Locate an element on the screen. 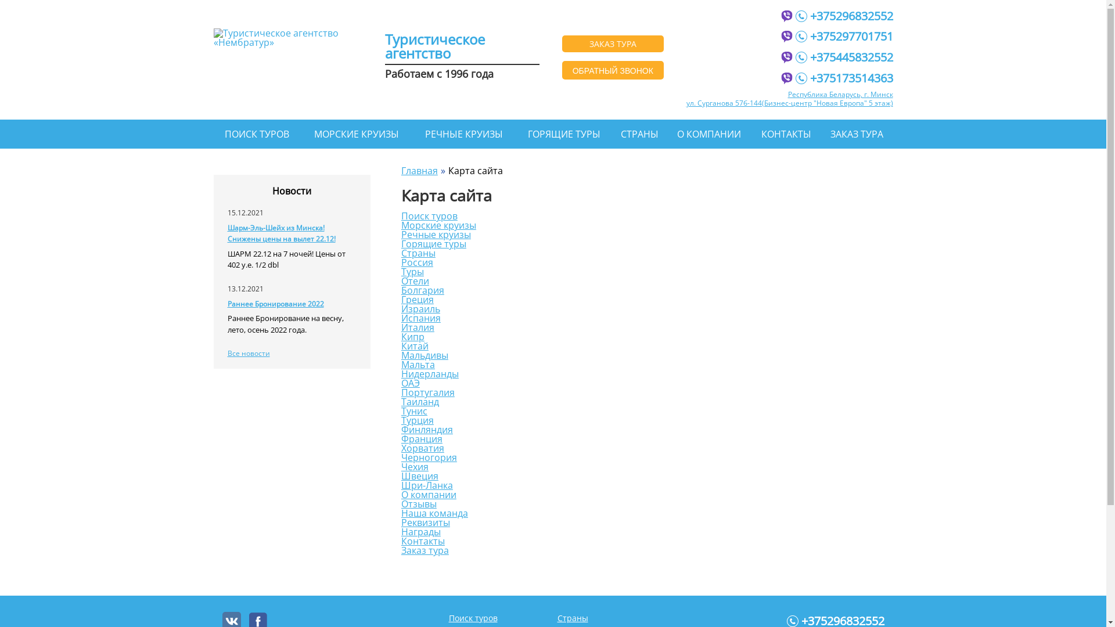 The height and width of the screenshot is (627, 1115). '+375296832552' is located at coordinates (844, 15).